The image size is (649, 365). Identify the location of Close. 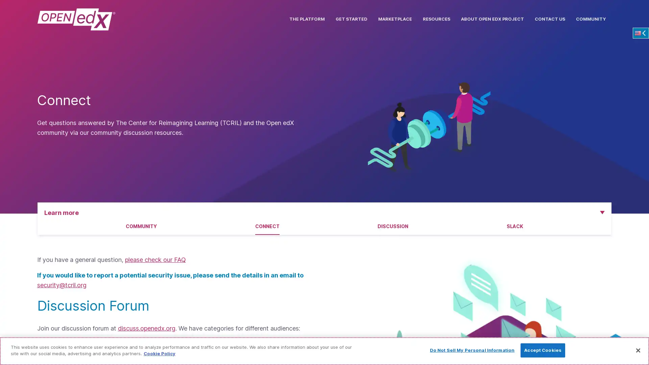
(638, 350).